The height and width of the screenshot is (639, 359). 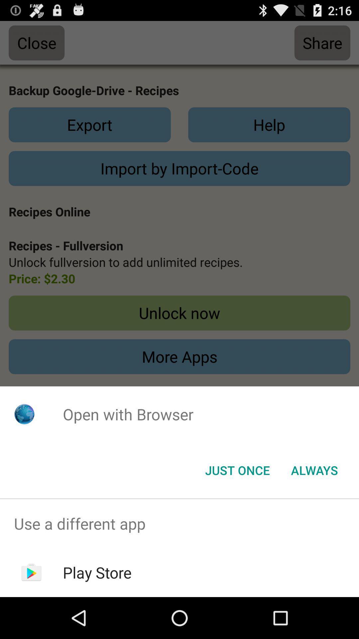 I want to click on button next to the just once item, so click(x=314, y=470).